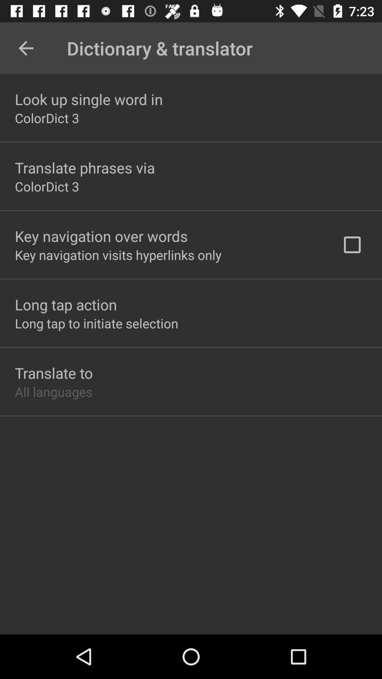 Image resolution: width=382 pixels, height=679 pixels. Describe the element at coordinates (53, 391) in the screenshot. I see `the all languages item` at that location.